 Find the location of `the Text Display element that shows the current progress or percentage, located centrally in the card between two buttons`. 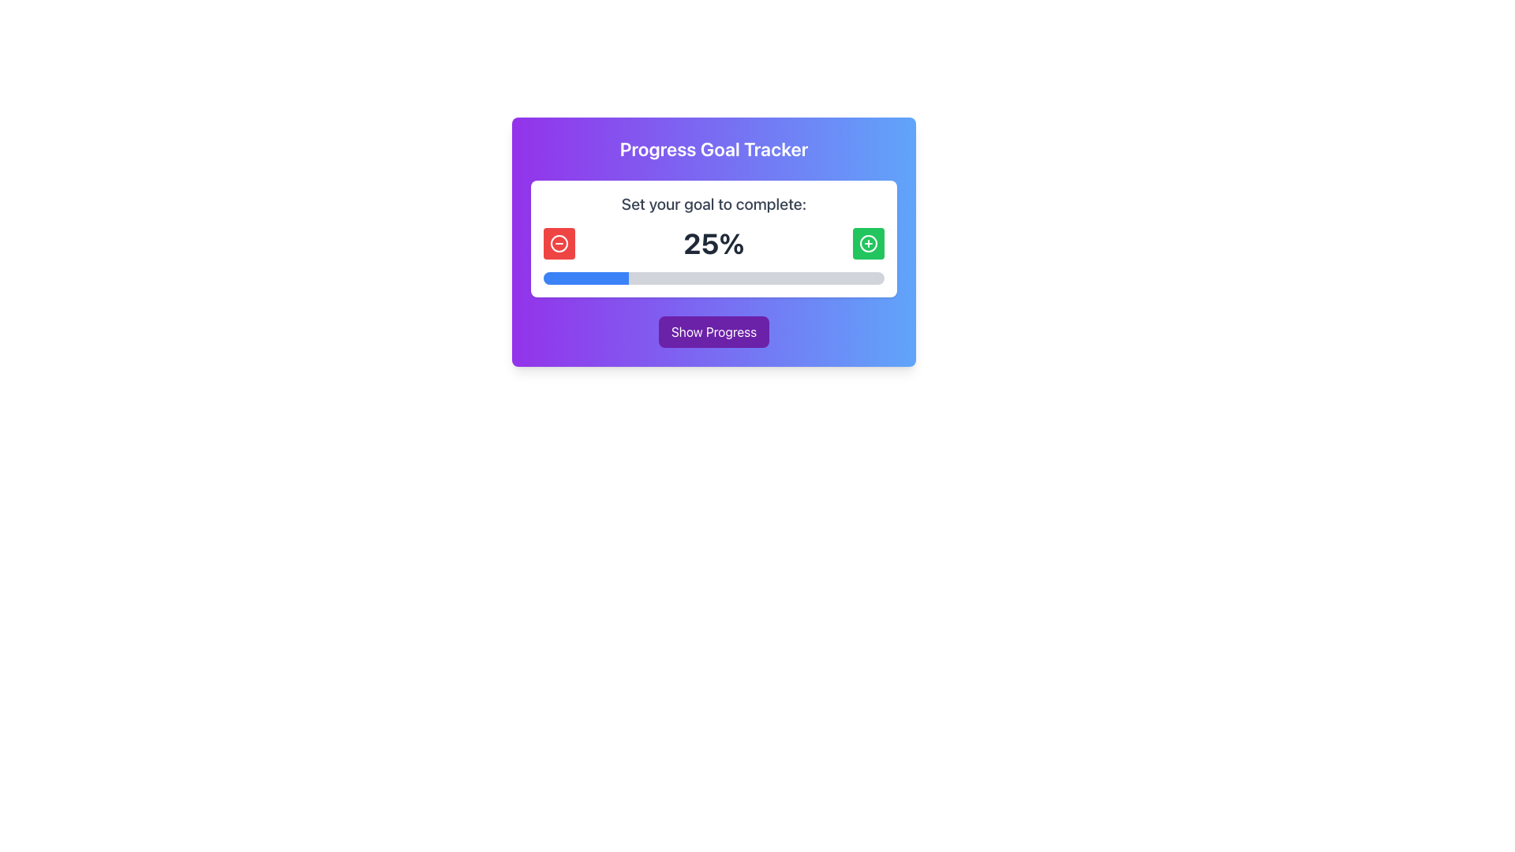

the Text Display element that shows the current progress or percentage, located centrally in the card between two buttons is located at coordinates (713, 243).